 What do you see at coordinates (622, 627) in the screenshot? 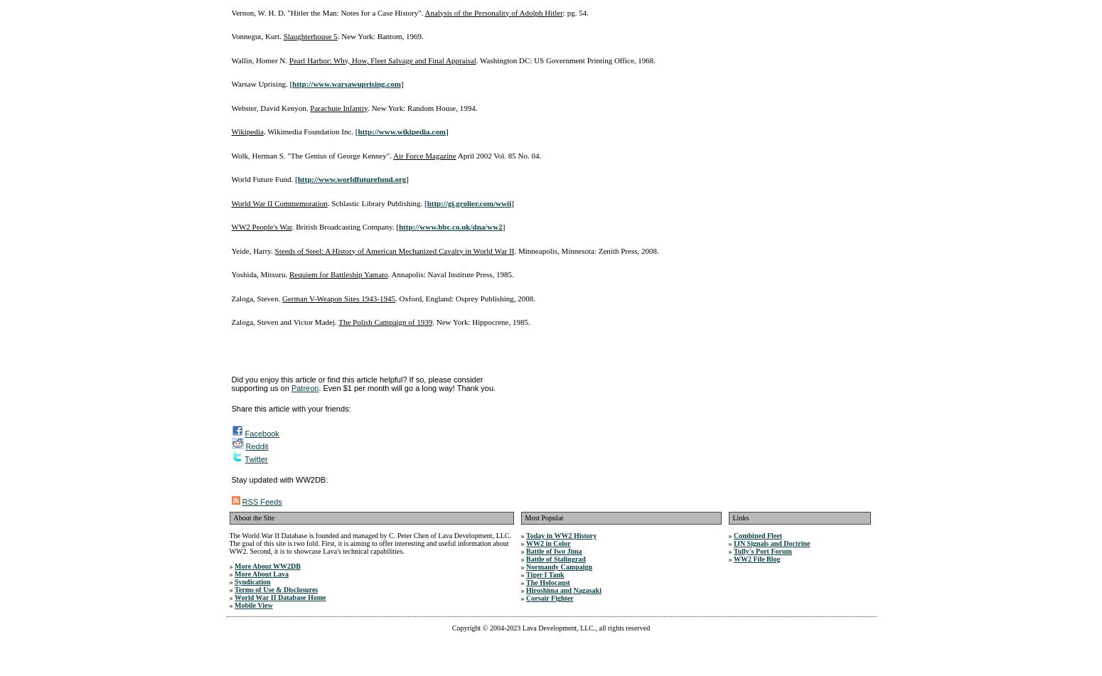
I see `', all rights reserved'` at bounding box center [622, 627].